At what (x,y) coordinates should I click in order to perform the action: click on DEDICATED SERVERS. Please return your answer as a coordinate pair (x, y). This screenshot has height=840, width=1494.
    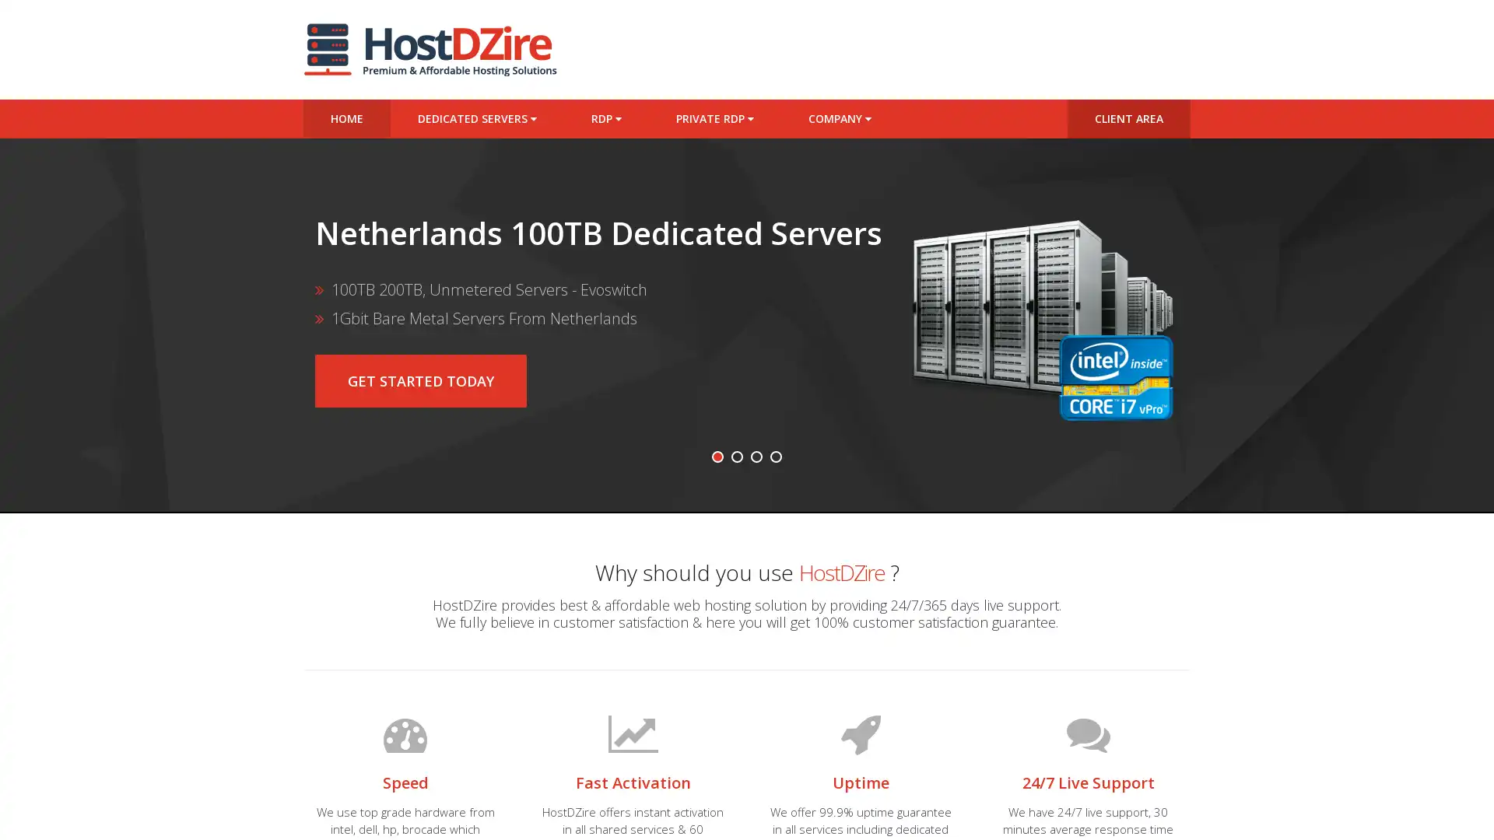
    Looking at the image, I should click on (476, 118).